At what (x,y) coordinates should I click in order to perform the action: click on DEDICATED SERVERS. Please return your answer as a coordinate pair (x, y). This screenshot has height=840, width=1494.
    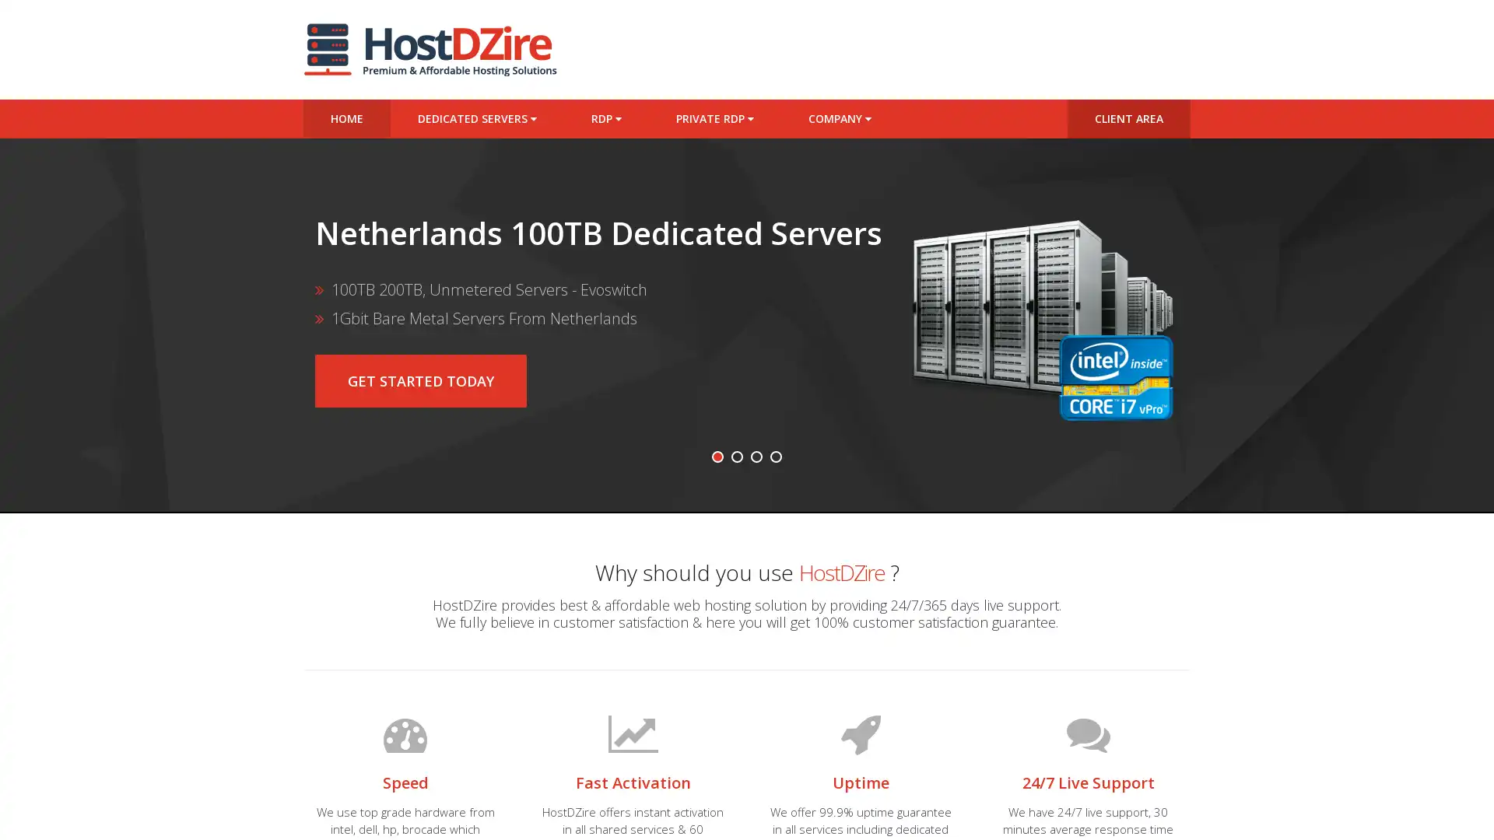
    Looking at the image, I should click on (476, 118).